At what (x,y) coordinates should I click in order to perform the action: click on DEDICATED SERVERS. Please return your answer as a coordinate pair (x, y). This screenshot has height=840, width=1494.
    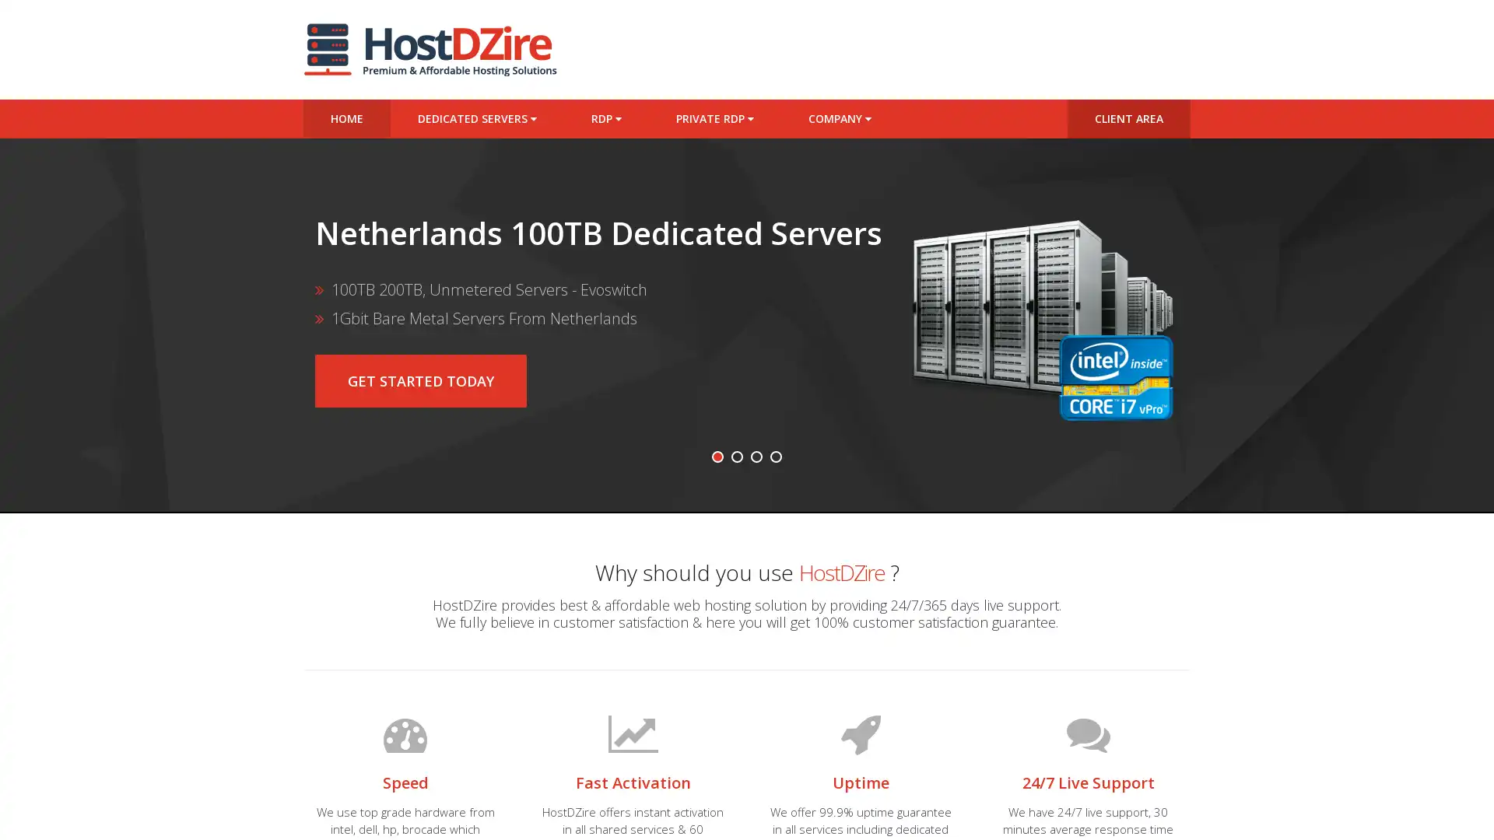
    Looking at the image, I should click on (476, 118).